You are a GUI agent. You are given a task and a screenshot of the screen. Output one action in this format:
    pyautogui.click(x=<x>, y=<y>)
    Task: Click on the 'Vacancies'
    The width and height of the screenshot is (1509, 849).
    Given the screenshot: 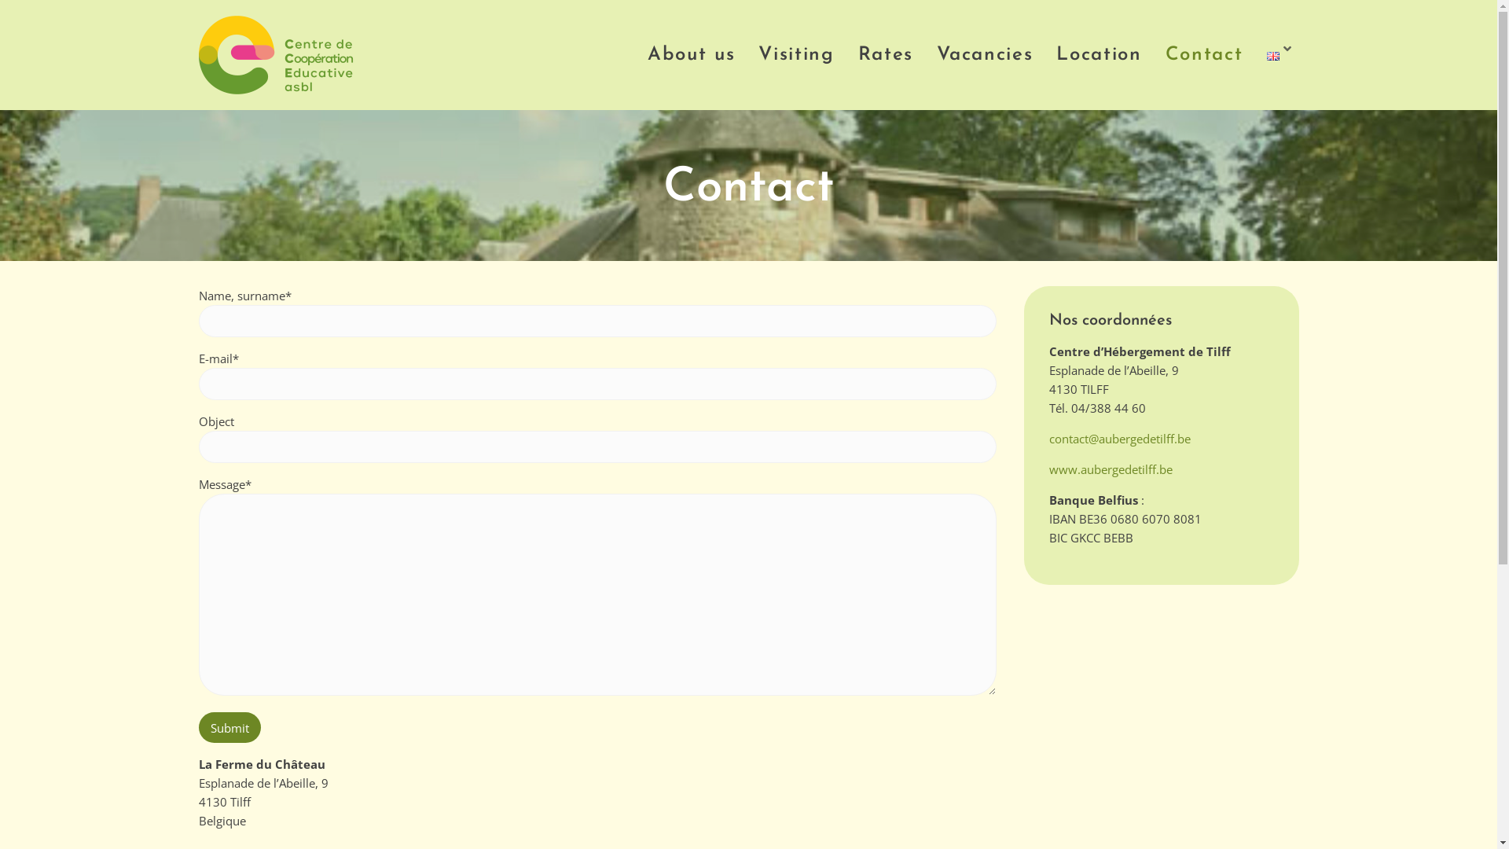 What is the action you would take?
    pyautogui.click(x=983, y=53)
    